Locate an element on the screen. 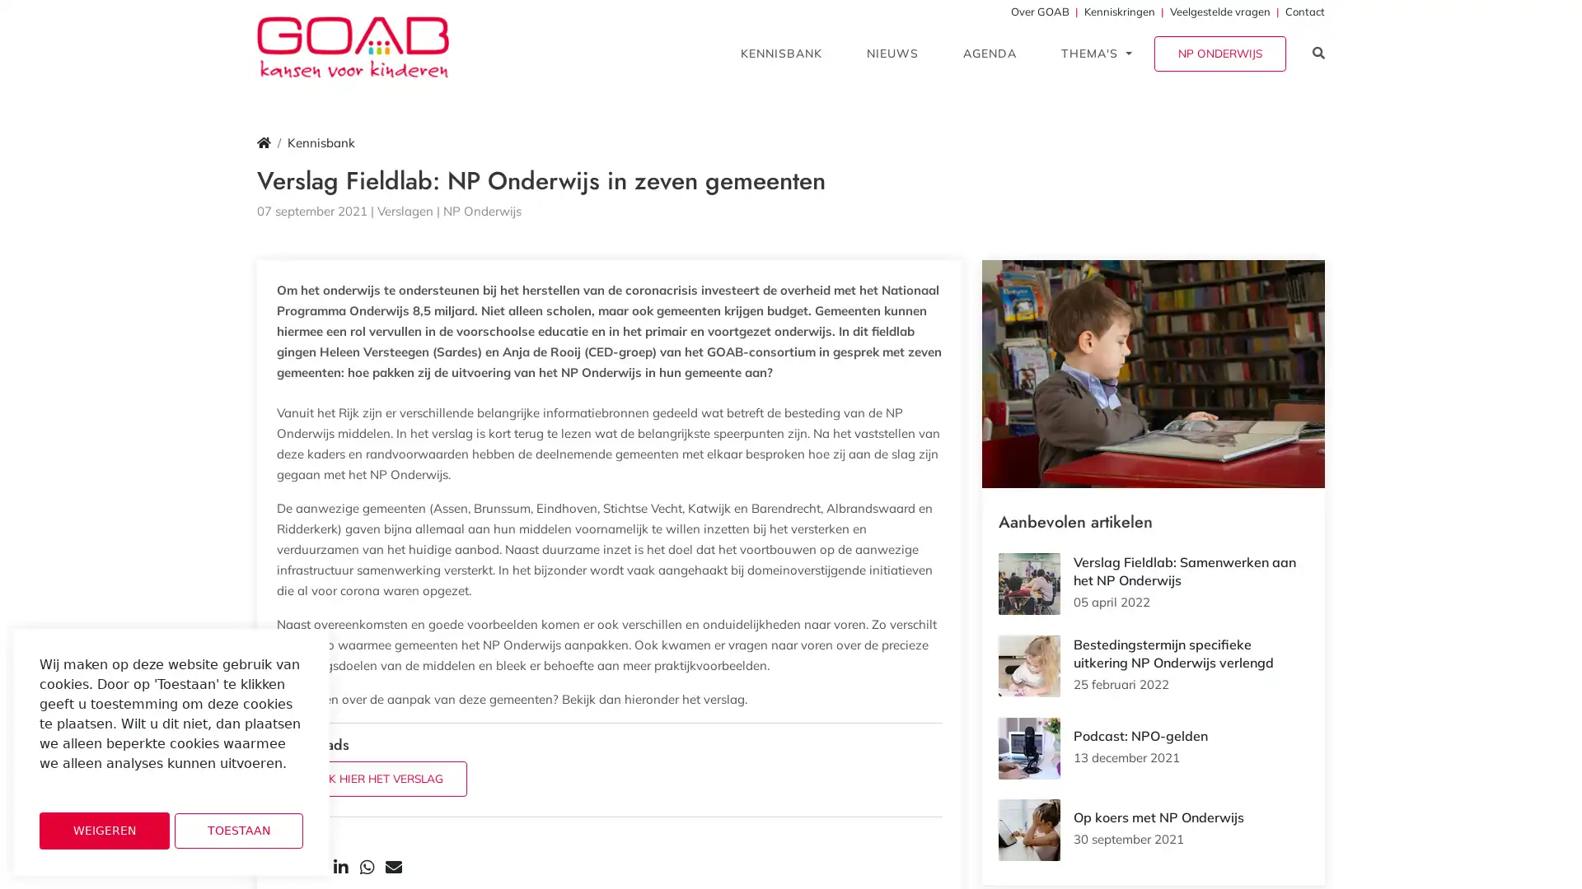 The width and height of the screenshot is (1582, 889). dismiss cookie message is located at coordinates (103, 831).